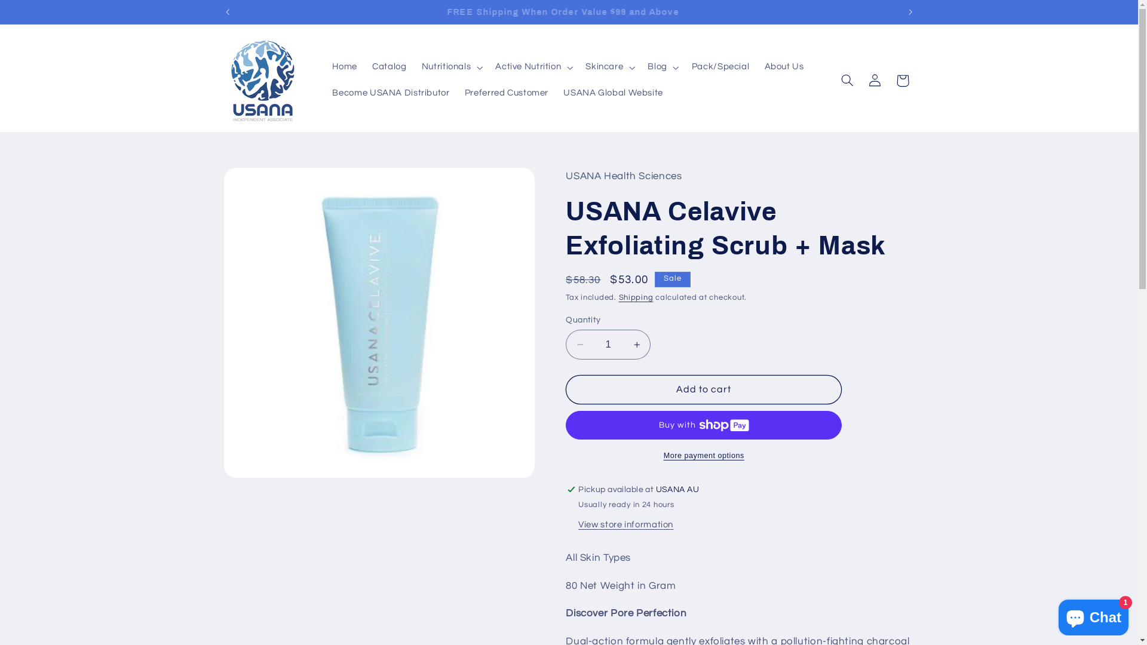 This screenshot has width=1147, height=645. What do you see at coordinates (719, 67) in the screenshot?
I see `'Pack/Special'` at bounding box center [719, 67].